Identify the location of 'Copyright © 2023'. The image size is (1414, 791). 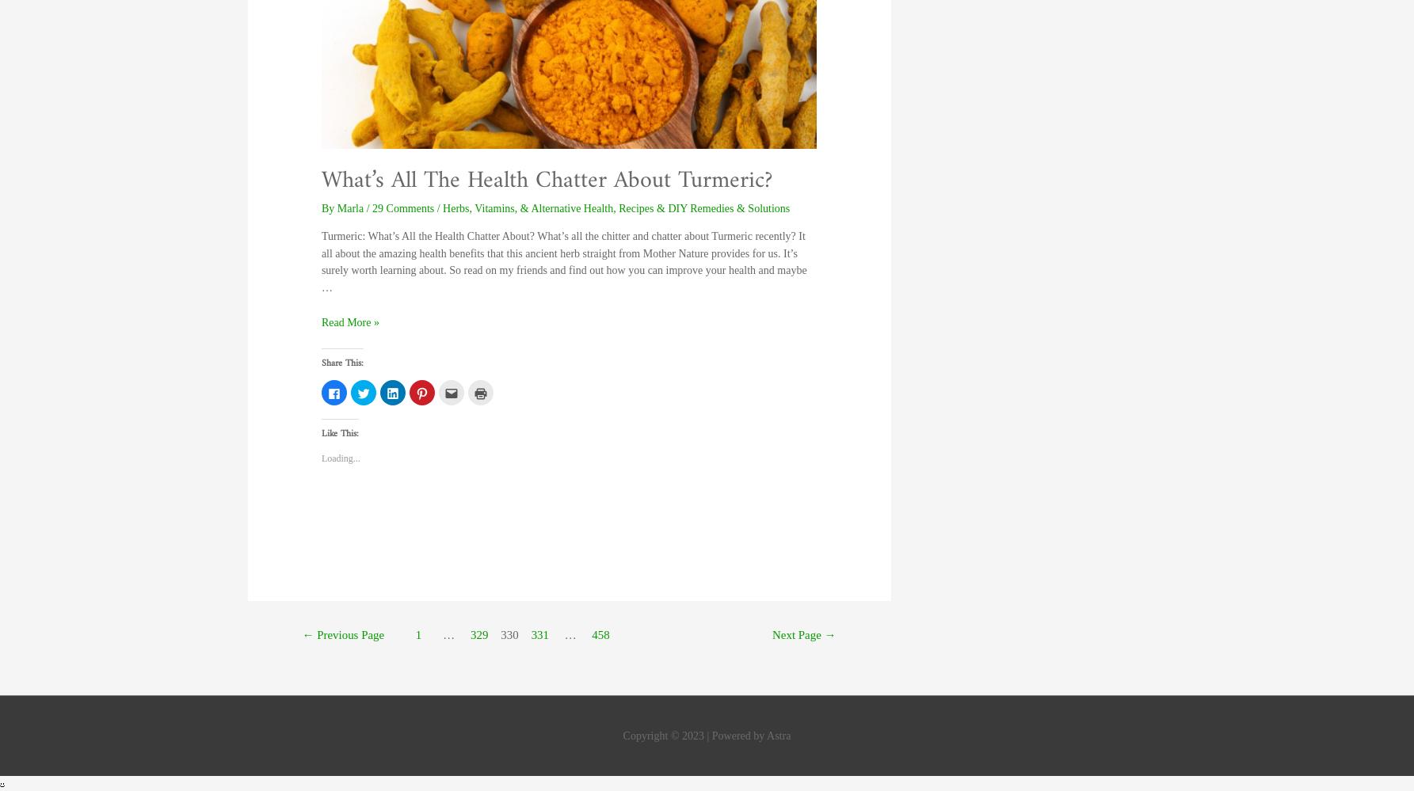
(664, 735).